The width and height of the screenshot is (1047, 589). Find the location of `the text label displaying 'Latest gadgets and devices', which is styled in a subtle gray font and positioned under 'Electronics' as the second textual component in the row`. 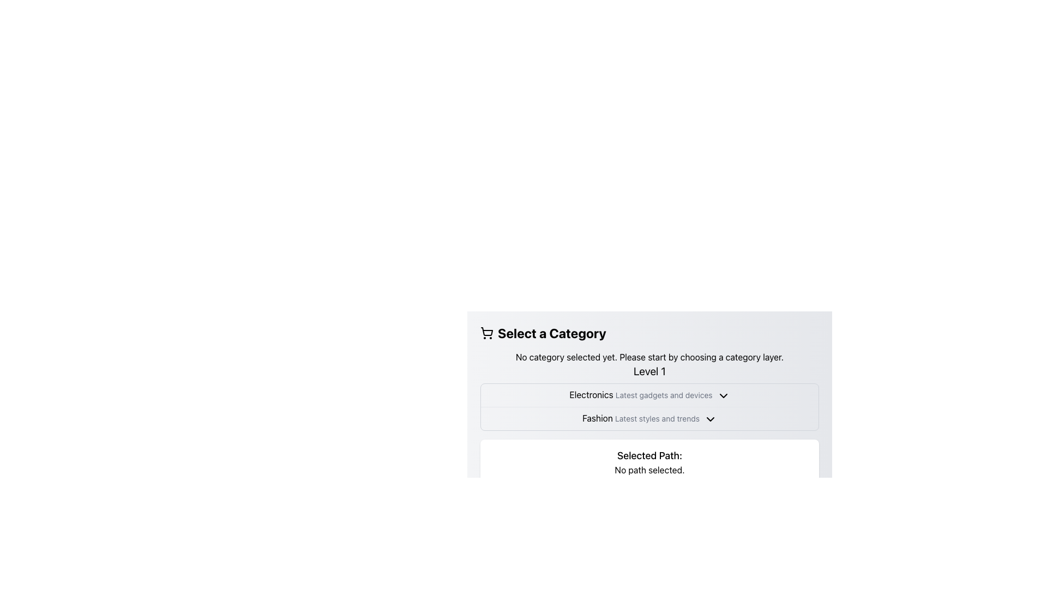

the text label displaying 'Latest gadgets and devices', which is styled in a subtle gray font and positioned under 'Electronics' as the second textual component in the row is located at coordinates (663, 395).